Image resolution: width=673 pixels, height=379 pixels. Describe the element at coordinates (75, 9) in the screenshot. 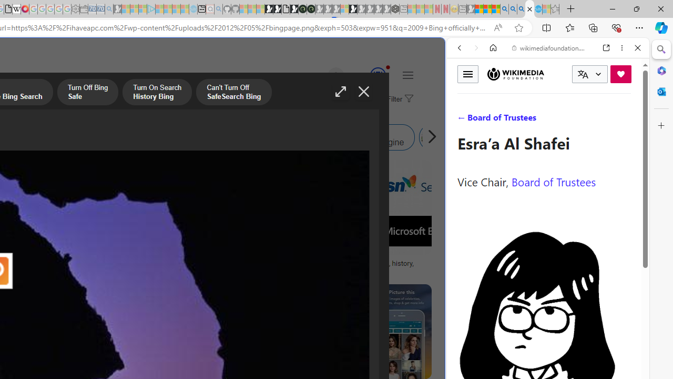

I see `'Settings - Sleeping'` at that location.